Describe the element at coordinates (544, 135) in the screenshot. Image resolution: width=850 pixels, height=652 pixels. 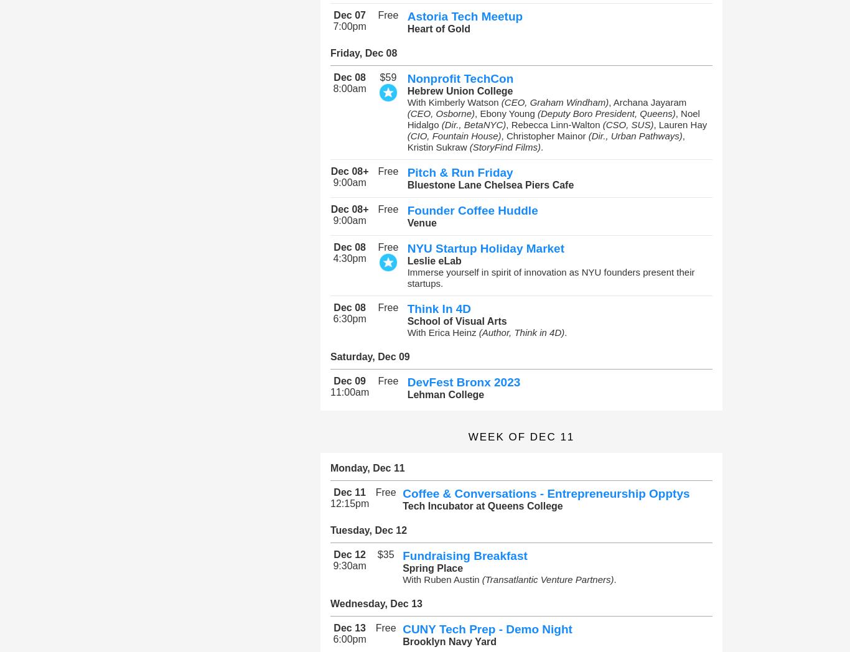
I see `', Christopher Mainor'` at that location.